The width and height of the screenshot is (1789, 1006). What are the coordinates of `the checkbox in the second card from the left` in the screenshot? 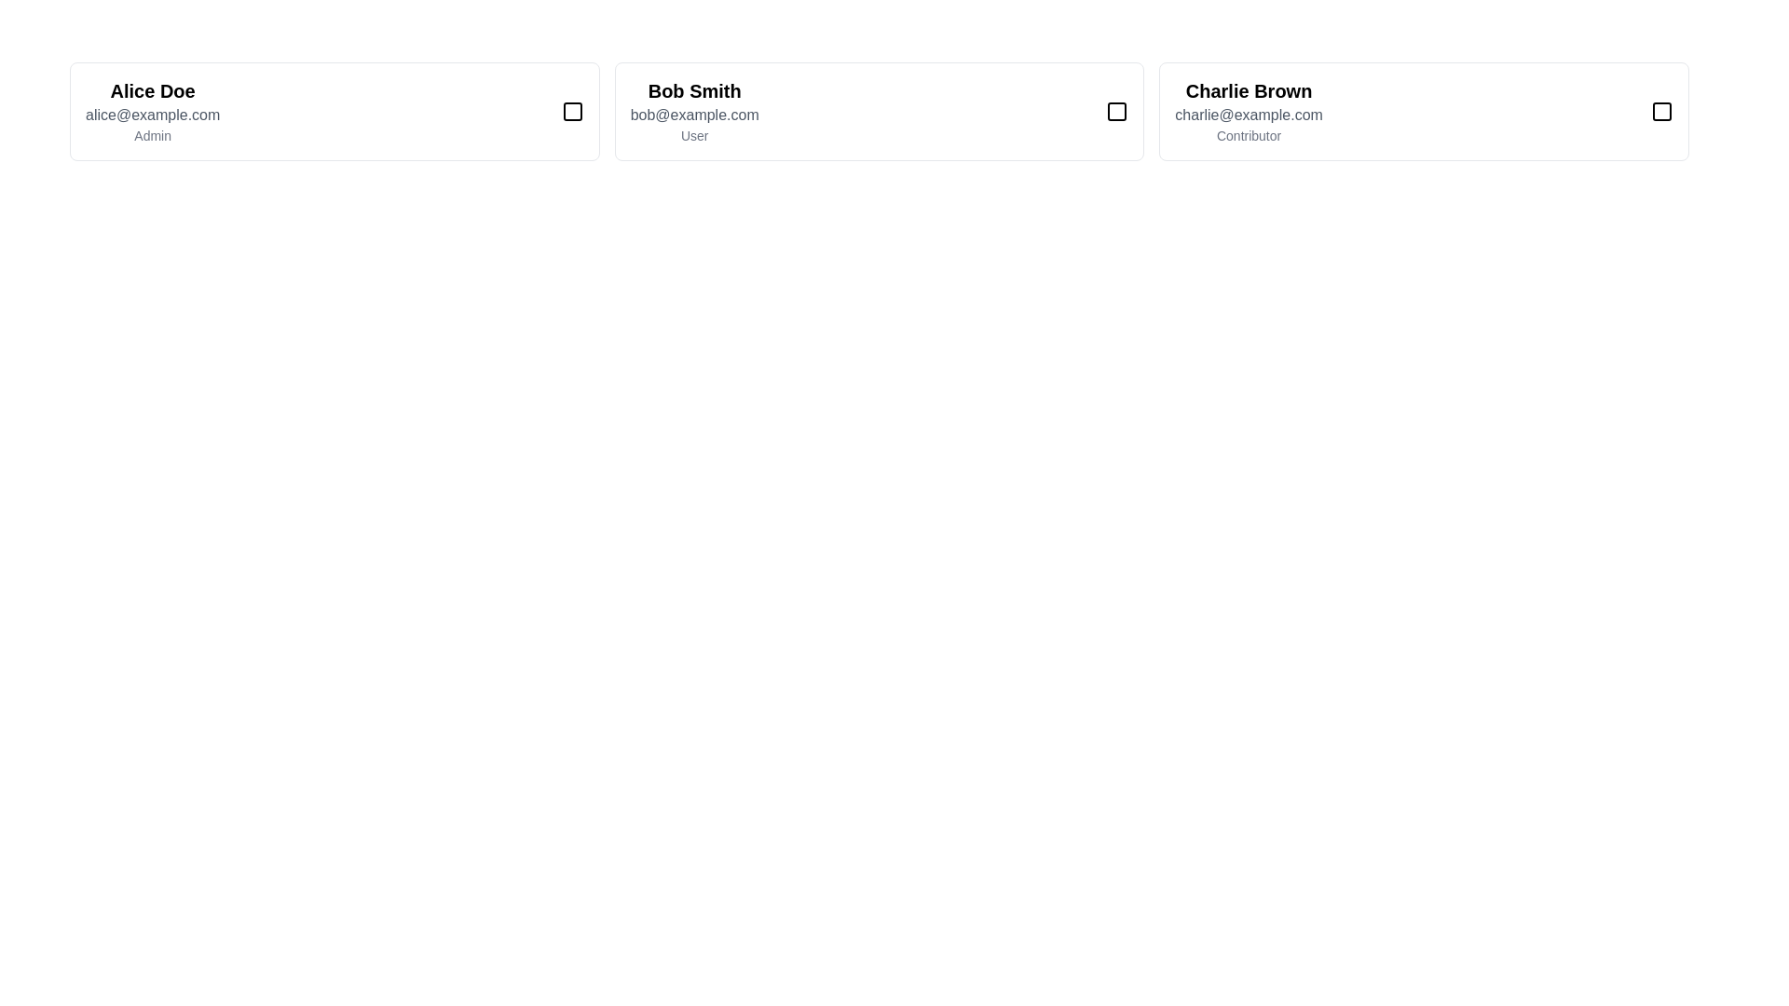 It's located at (1117, 111).